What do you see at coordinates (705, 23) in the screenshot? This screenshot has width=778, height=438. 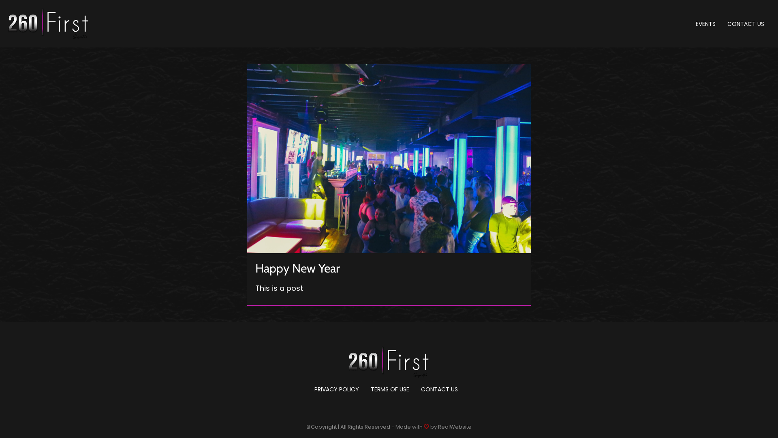 I see `'EVENTS'` at bounding box center [705, 23].